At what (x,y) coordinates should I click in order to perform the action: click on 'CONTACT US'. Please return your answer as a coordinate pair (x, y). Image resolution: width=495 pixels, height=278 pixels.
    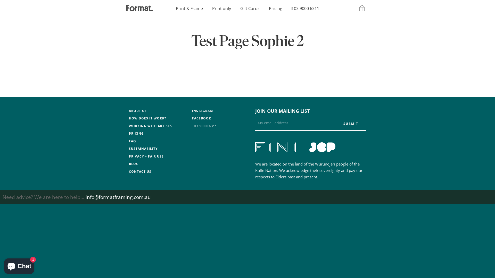
    Looking at the image, I should click on (140, 171).